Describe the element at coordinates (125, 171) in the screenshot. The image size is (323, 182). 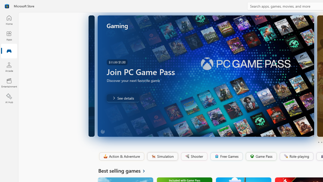
I see `'See all  Best selling games'` at that location.